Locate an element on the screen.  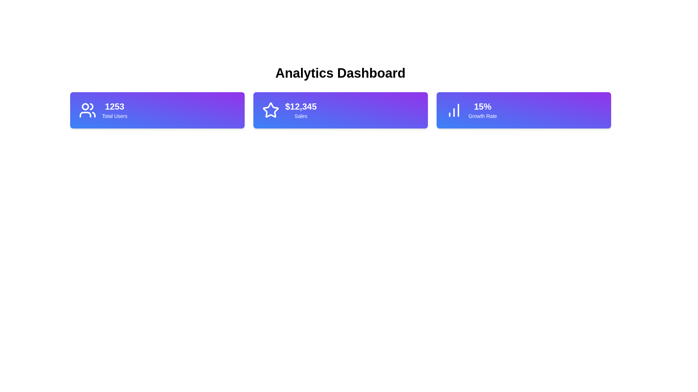
keyboard navigation is located at coordinates (340, 110).